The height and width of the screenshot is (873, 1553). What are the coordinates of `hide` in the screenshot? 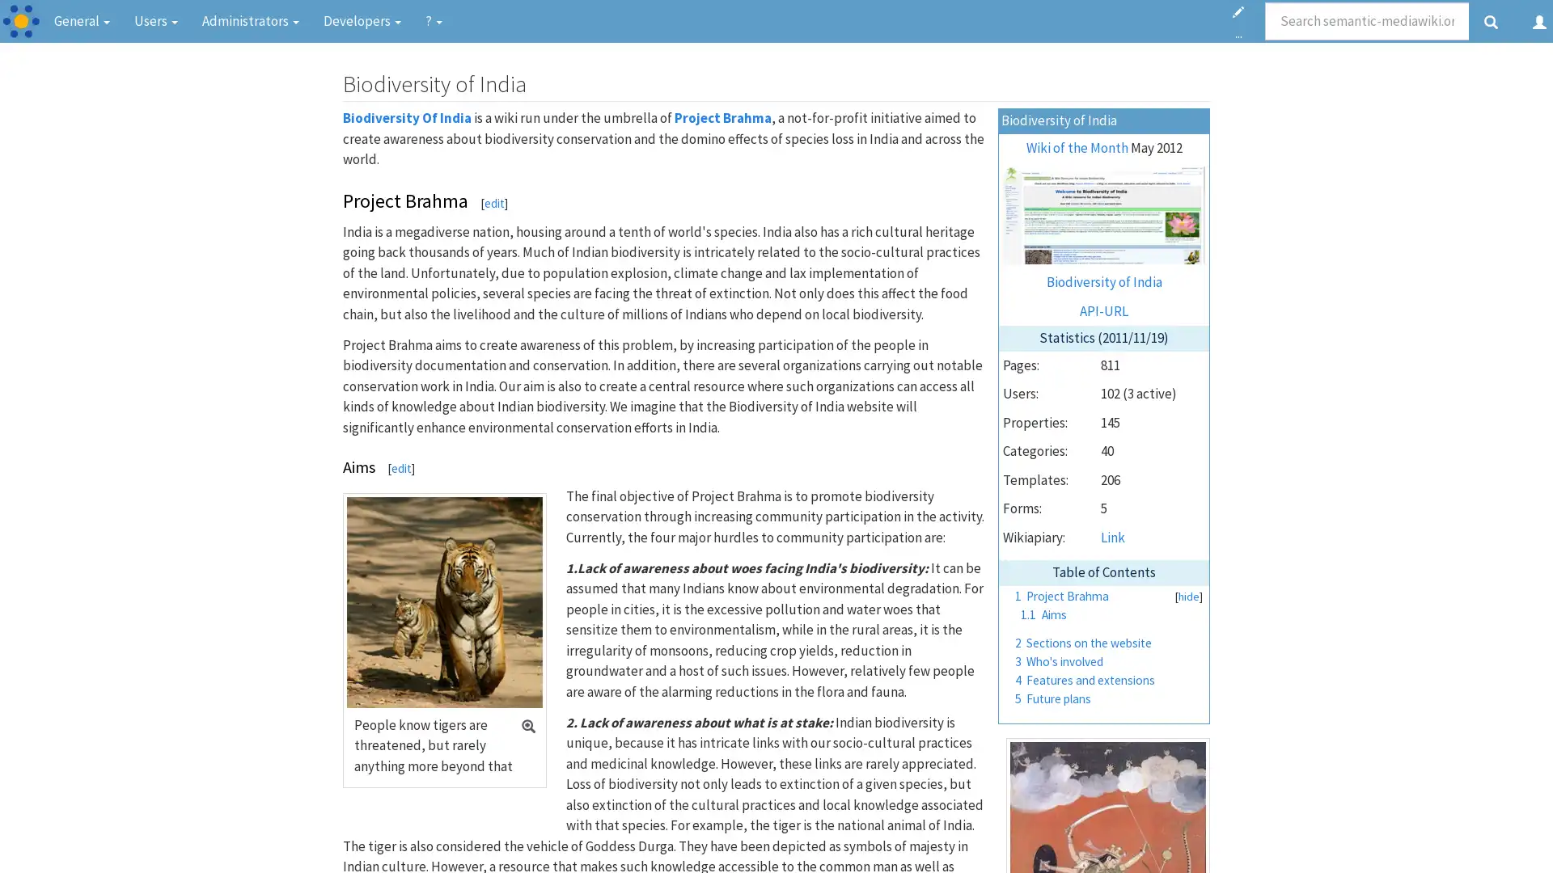 It's located at (1188, 595).